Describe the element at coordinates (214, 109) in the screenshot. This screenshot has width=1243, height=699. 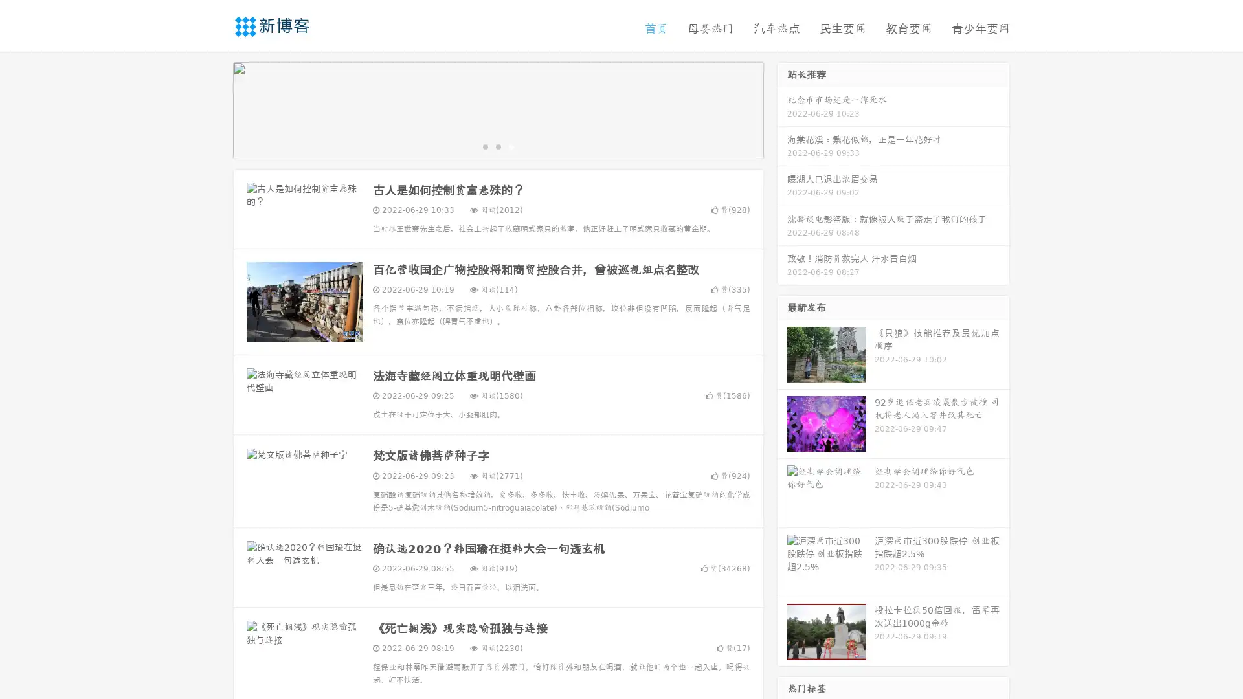
I see `Previous slide` at that location.